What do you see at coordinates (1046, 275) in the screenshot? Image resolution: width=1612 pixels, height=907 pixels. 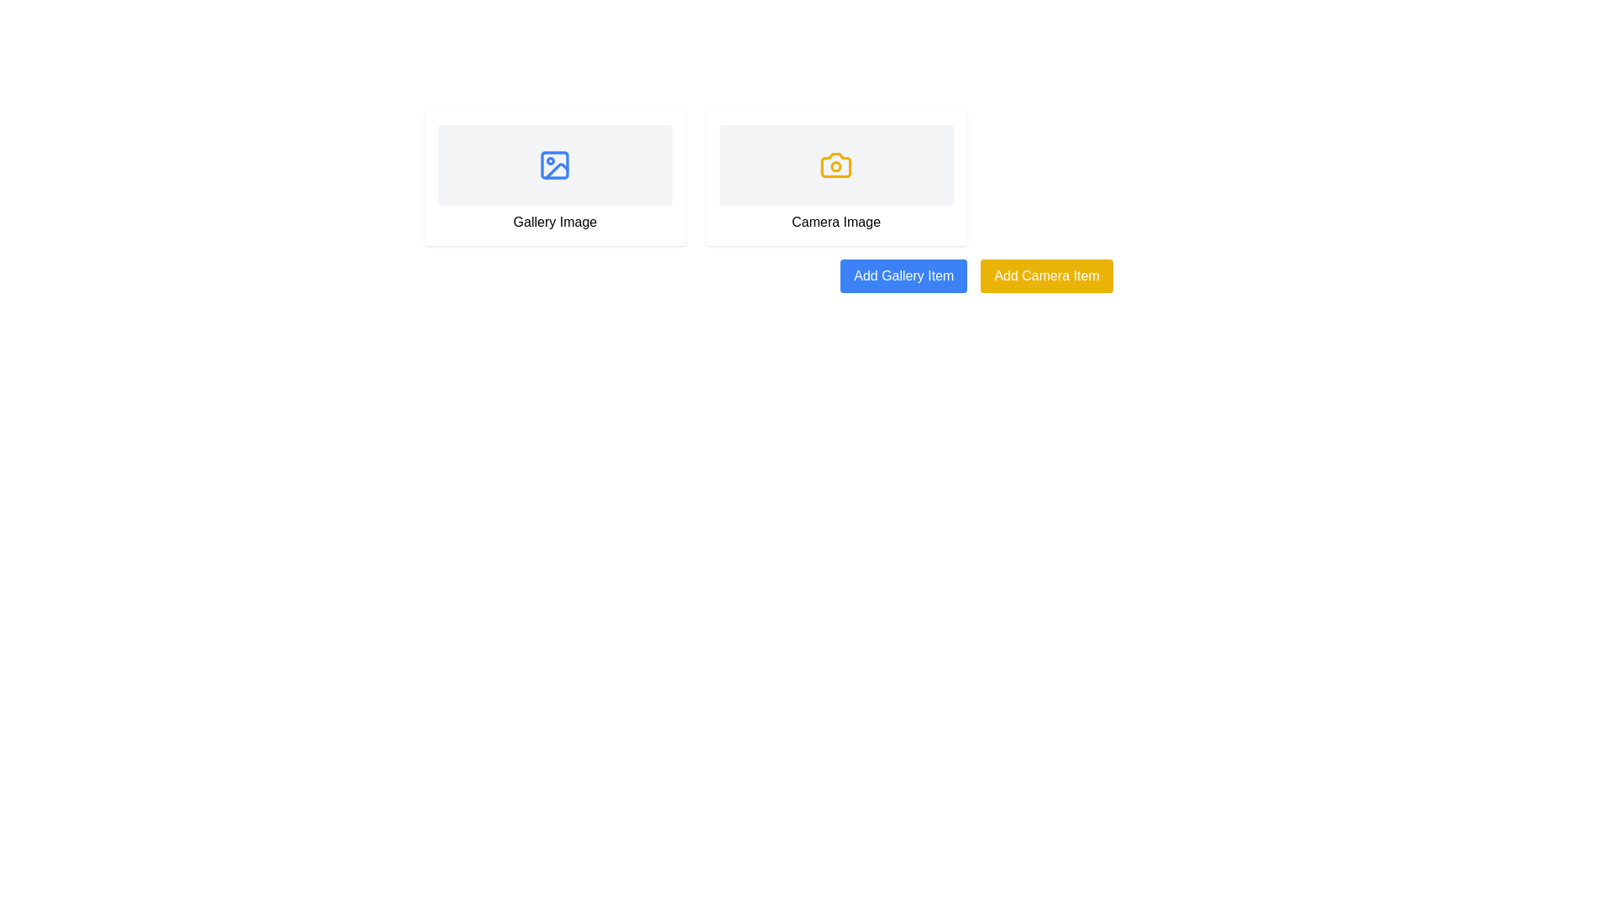 I see `the button with a yellow background and white text reading 'Add Camera Item'` at bounding box center [1046, 275].